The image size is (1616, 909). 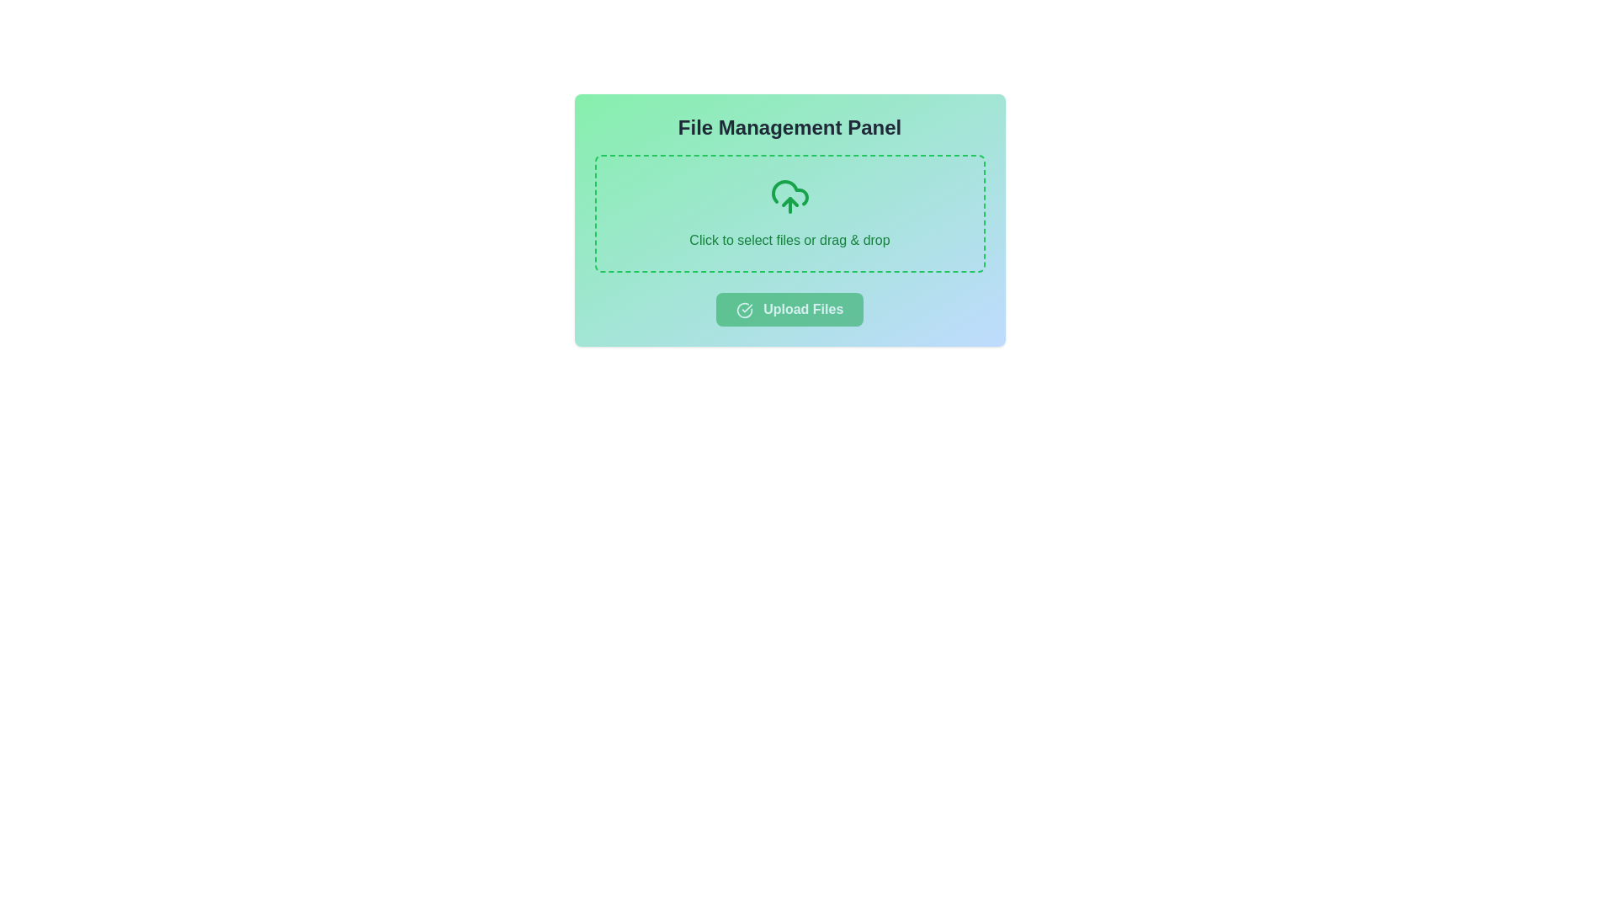 I want to click on the 'Upload Files' button with rounded corners and a green background, so click(x=789, y=309).